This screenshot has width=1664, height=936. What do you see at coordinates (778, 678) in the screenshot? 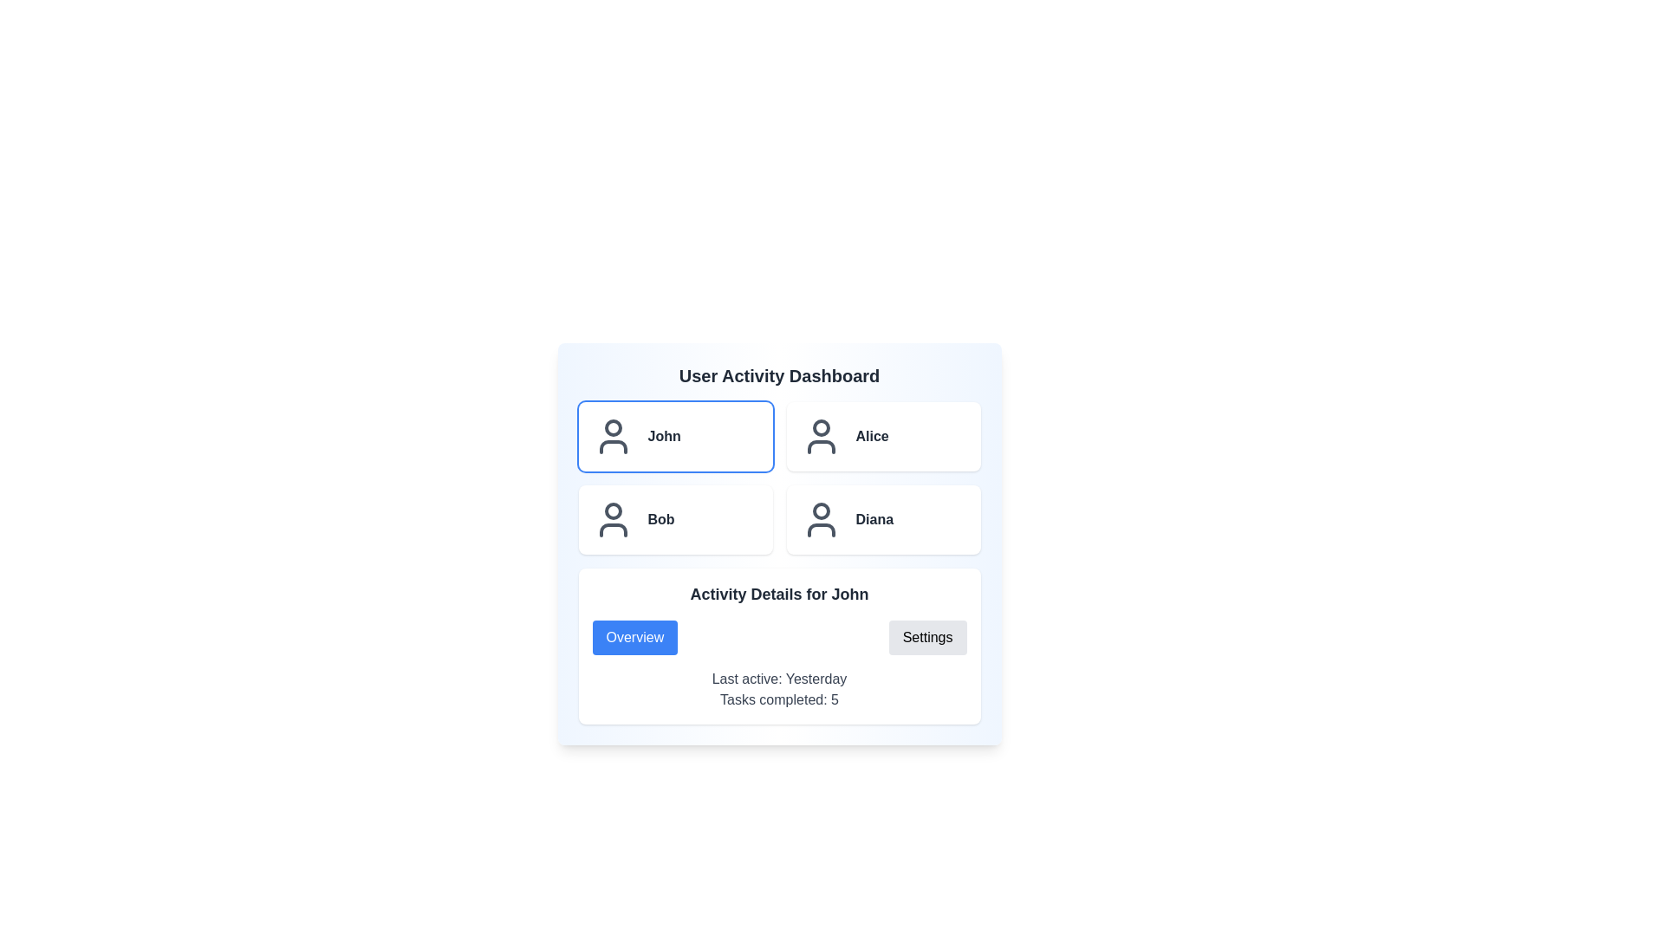
I see `the label displaying 'Last active: Yesterday', which is styled with gray text and is located within the 'Activity Details for John' section, just below the 'Overview' button` at bounding box center [778, 678].